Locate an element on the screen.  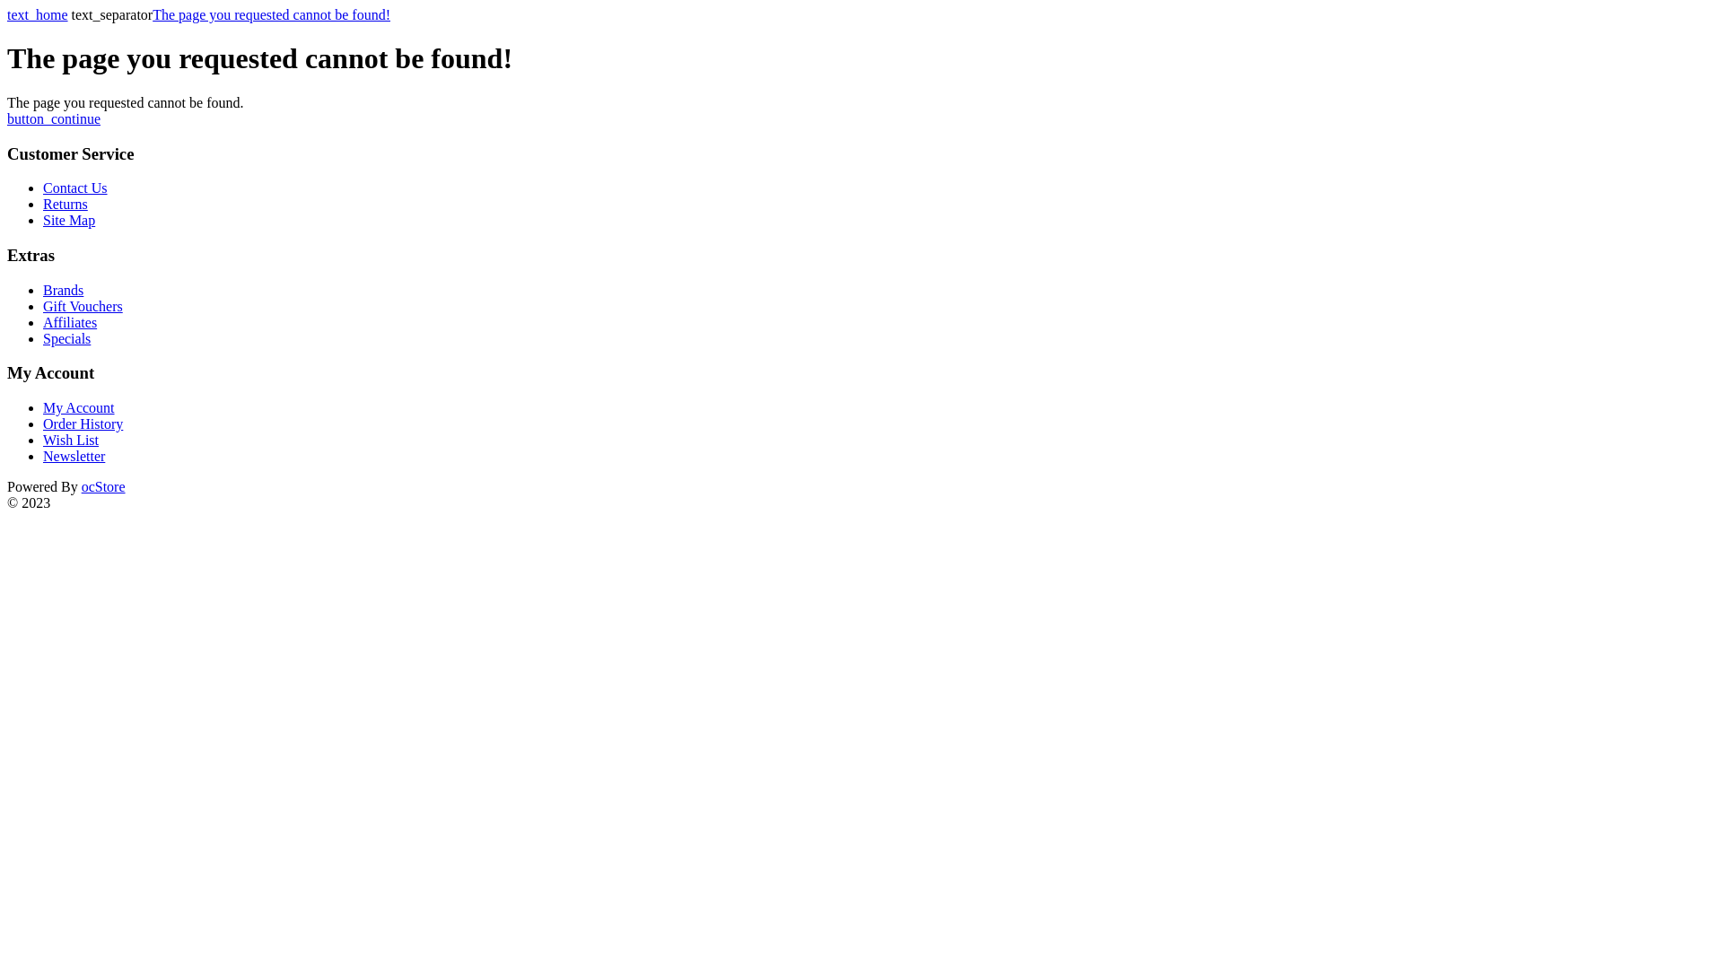
'text_home' is located at coordinates (38, 14).